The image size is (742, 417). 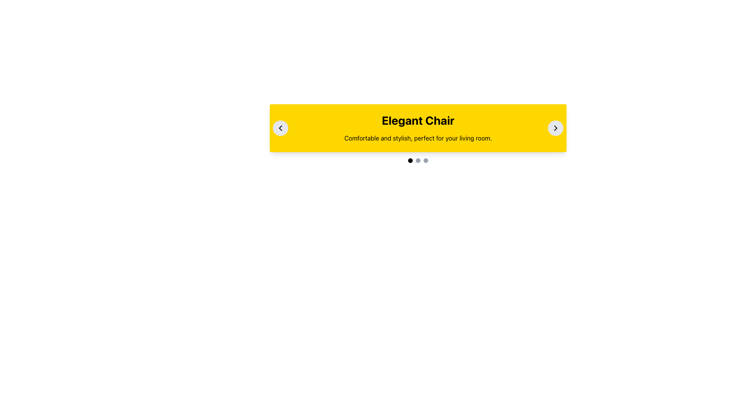 I want to click on the first Carousel Indicator Dot located below the highlighted text 'Elegant Chair', so click(x=410, y=160).